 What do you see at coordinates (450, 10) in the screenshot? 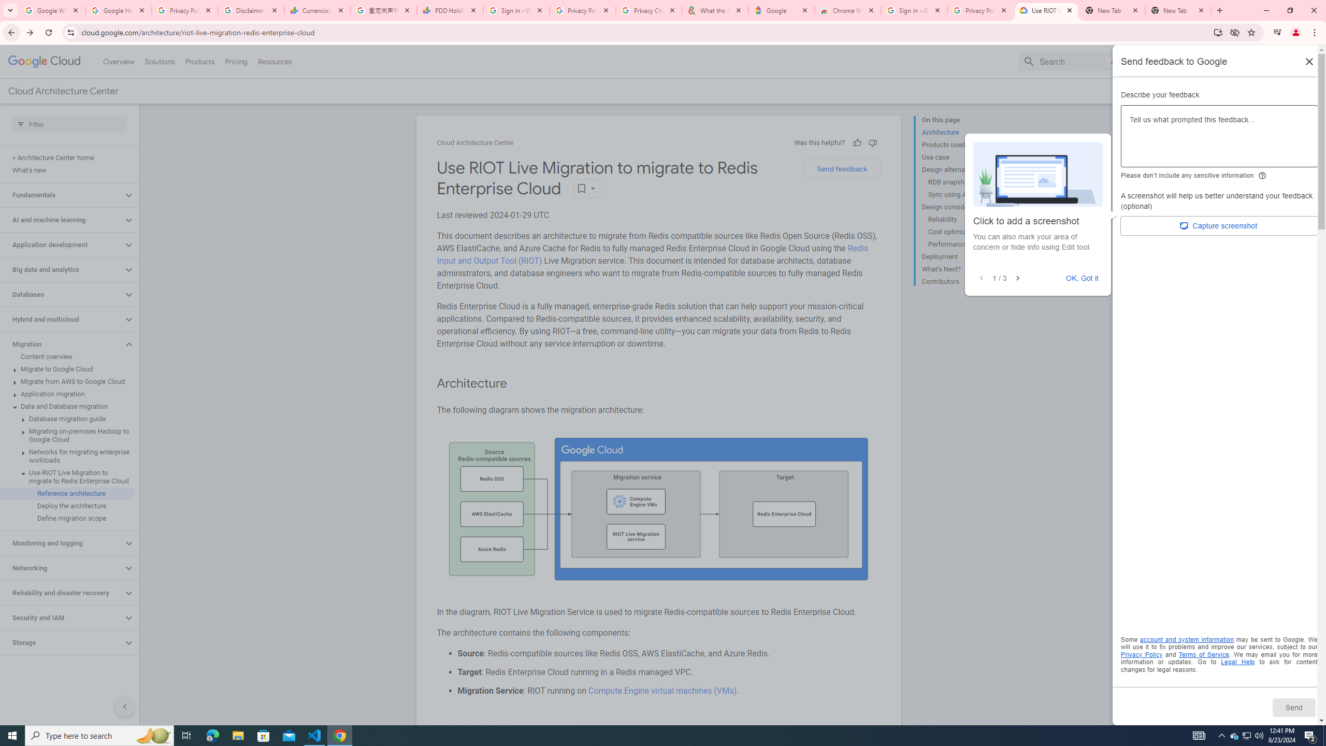
I see `'PDD Holdings Inc - ADR (PDD) Price & News - Google Finance'` at bounding box center [450, 10].